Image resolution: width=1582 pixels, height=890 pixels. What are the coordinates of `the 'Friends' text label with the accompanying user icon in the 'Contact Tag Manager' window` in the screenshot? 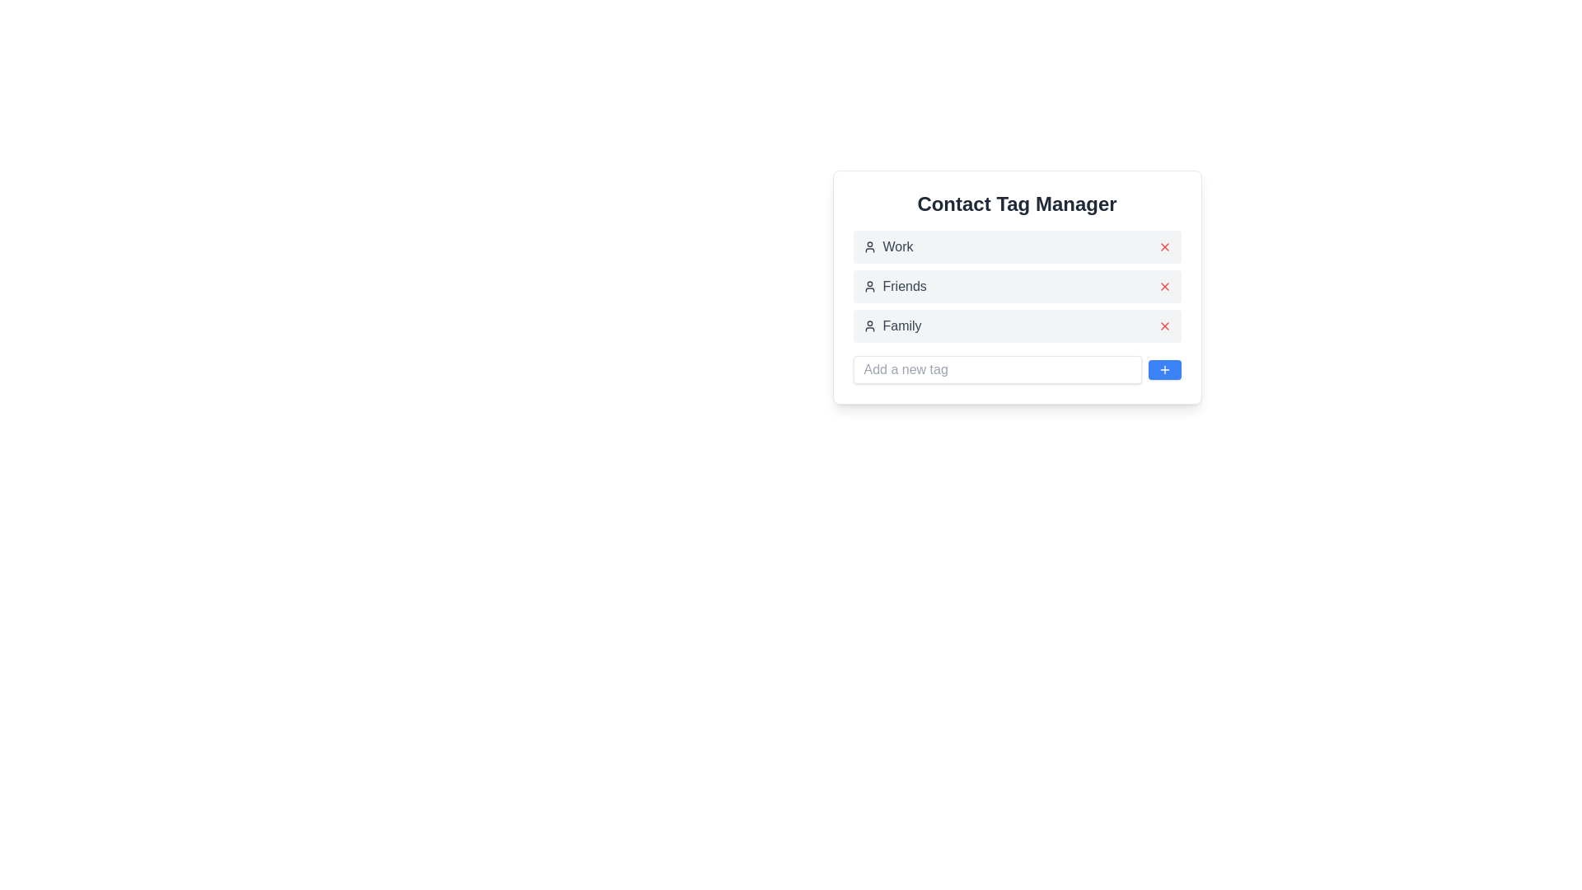 It's located at (894, 285).